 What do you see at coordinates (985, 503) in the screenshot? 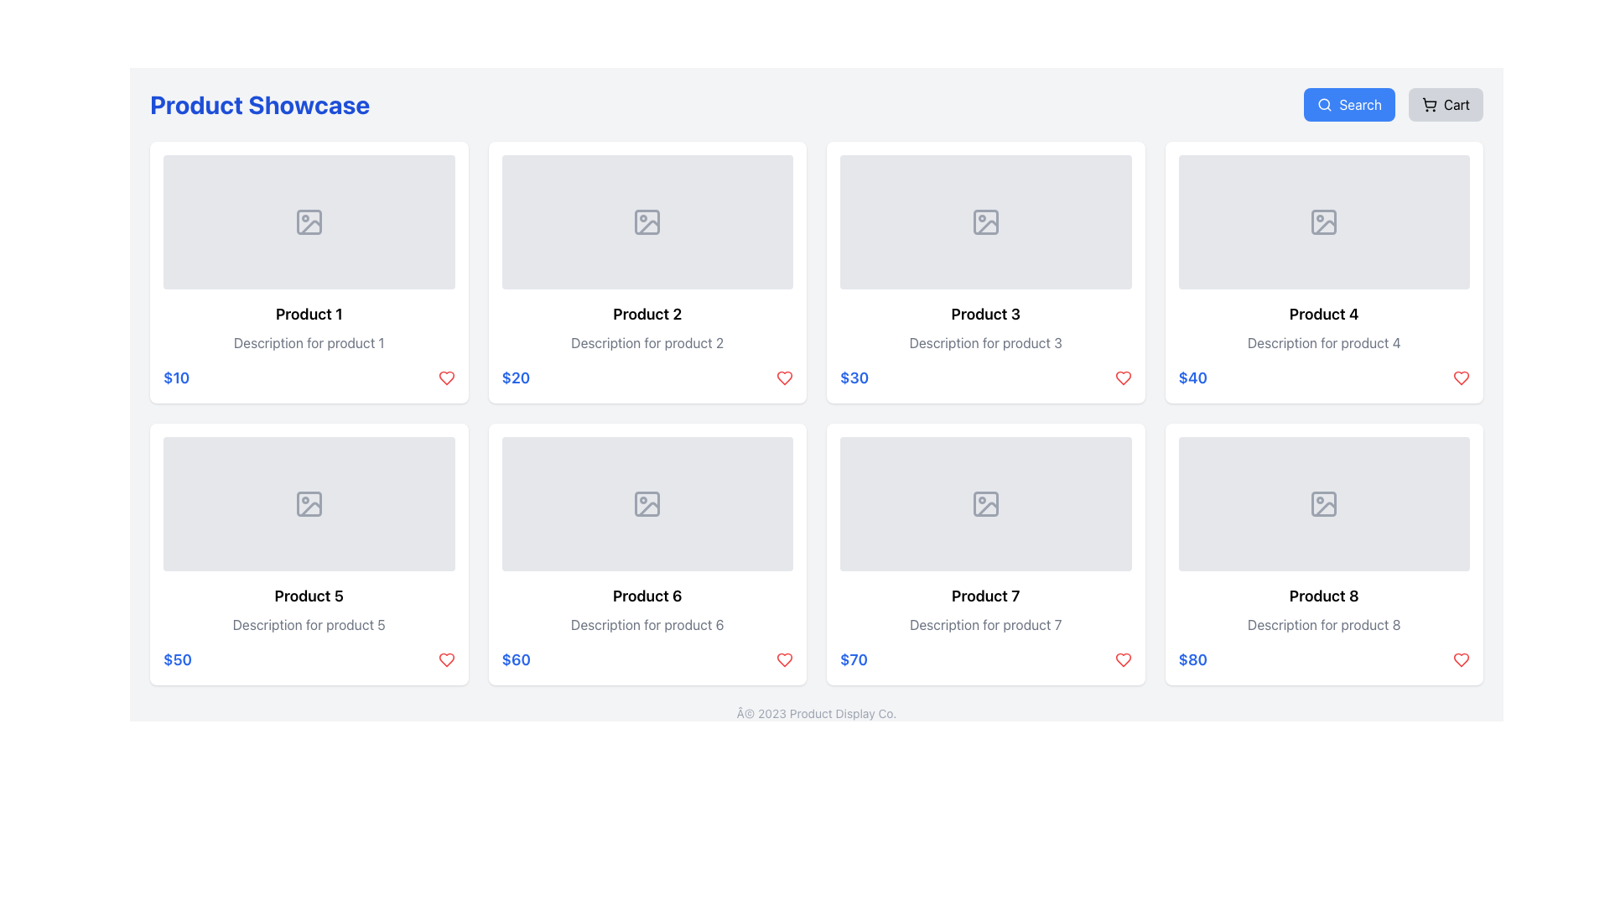
I see `the small rounded rectangle styled in light gray, located within the image icon of 'Product 7' in the grid layout` at bounding box center [985, 503].